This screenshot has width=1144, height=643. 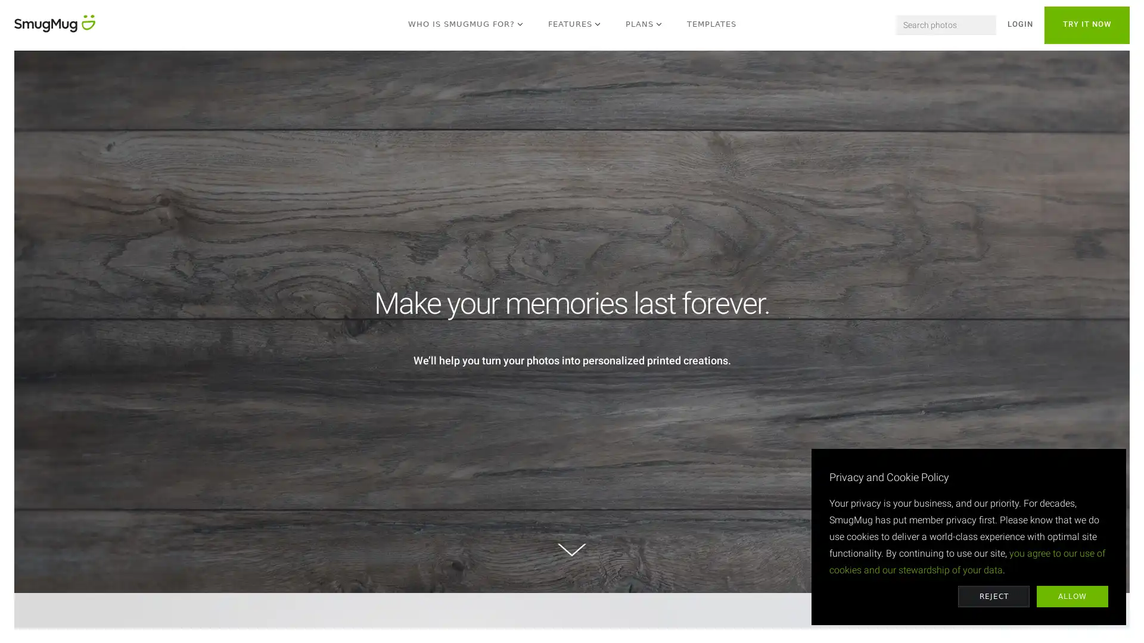 What do you see at coordinates (643, 25) in the screenshot?
I see `PLANS` at bounding box center [643, 25].